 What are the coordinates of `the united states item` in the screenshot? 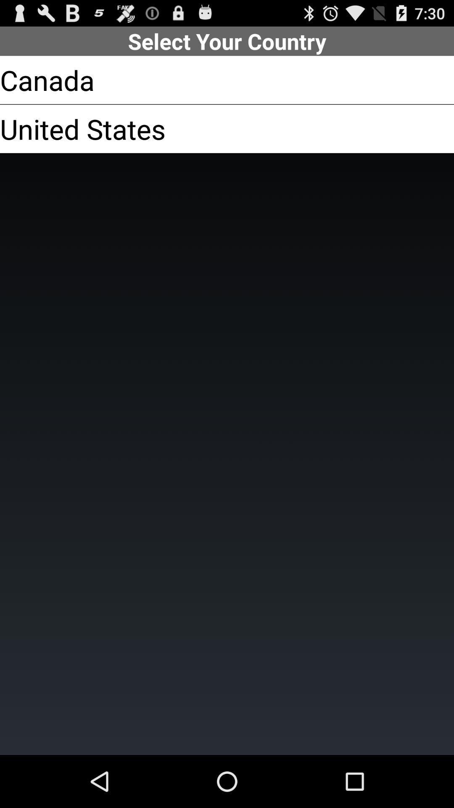 It's located at (82, 128).